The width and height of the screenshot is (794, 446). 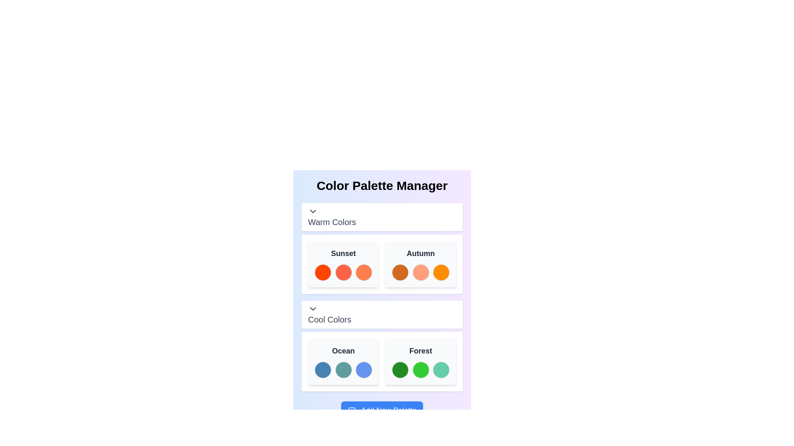 I want to click on the 'Add New Palette' button located centrally near the bottom of the interface to change its color, so click(x=382, y=410).